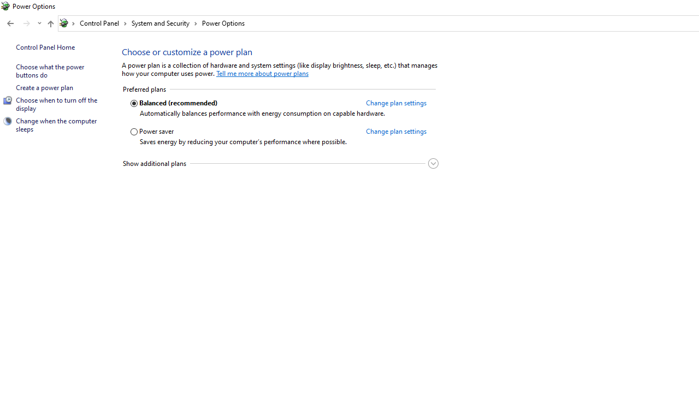 This screenshot has height=393, width=699. Describe the element at coordinates (50, 70) in the screenshot. I see `'Choose what the power buttons do'` at that location.